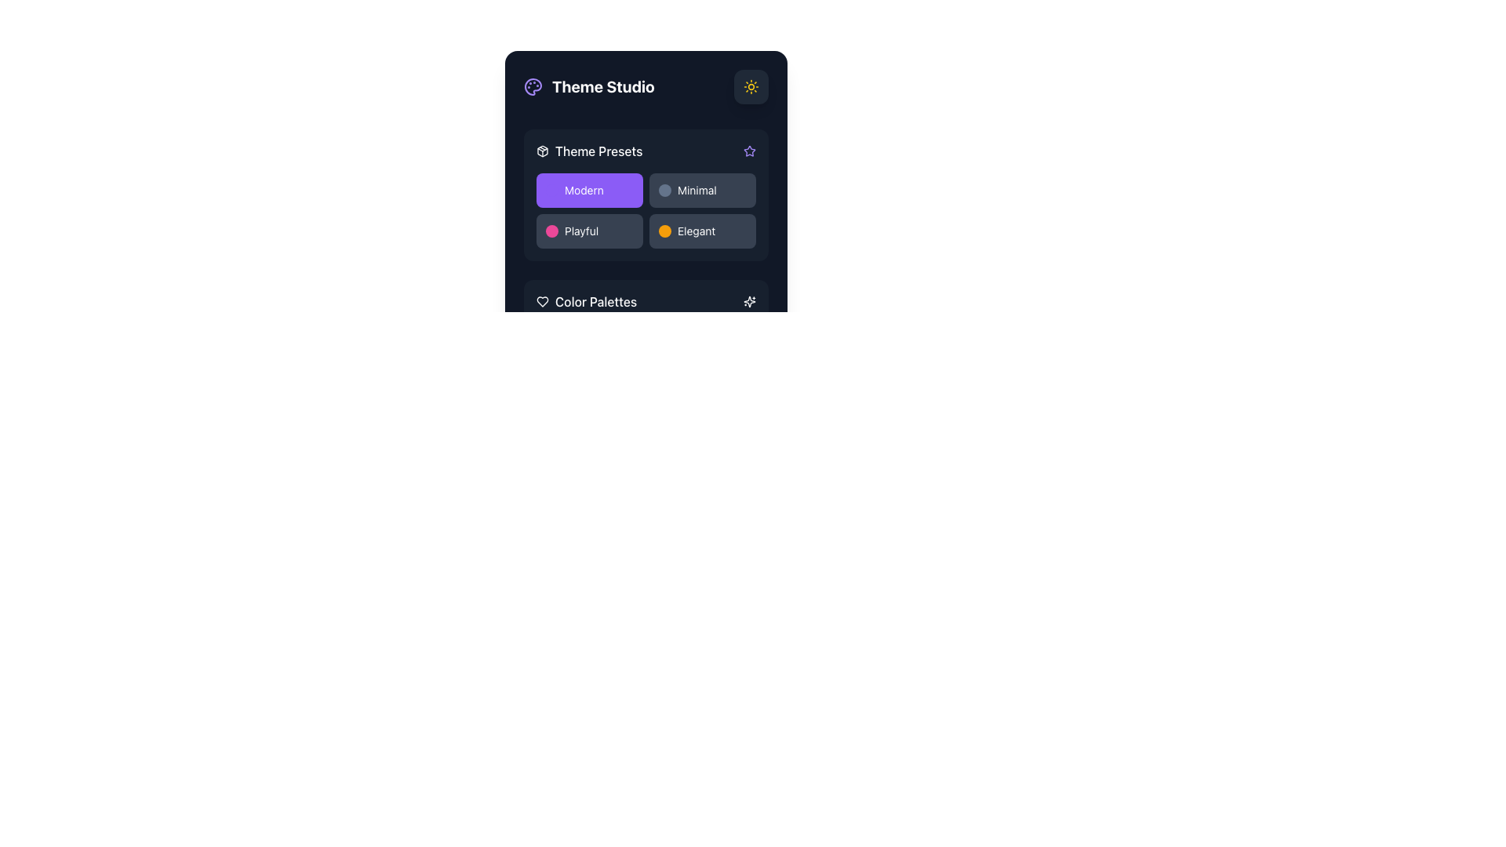 This screenshot has width=1506, height=847. What do you see at coordinates (702, 231) in the screenshot?
I see `the 'Elegant' button in the 'Theme Presets' section` at bounding box center [702, 231].